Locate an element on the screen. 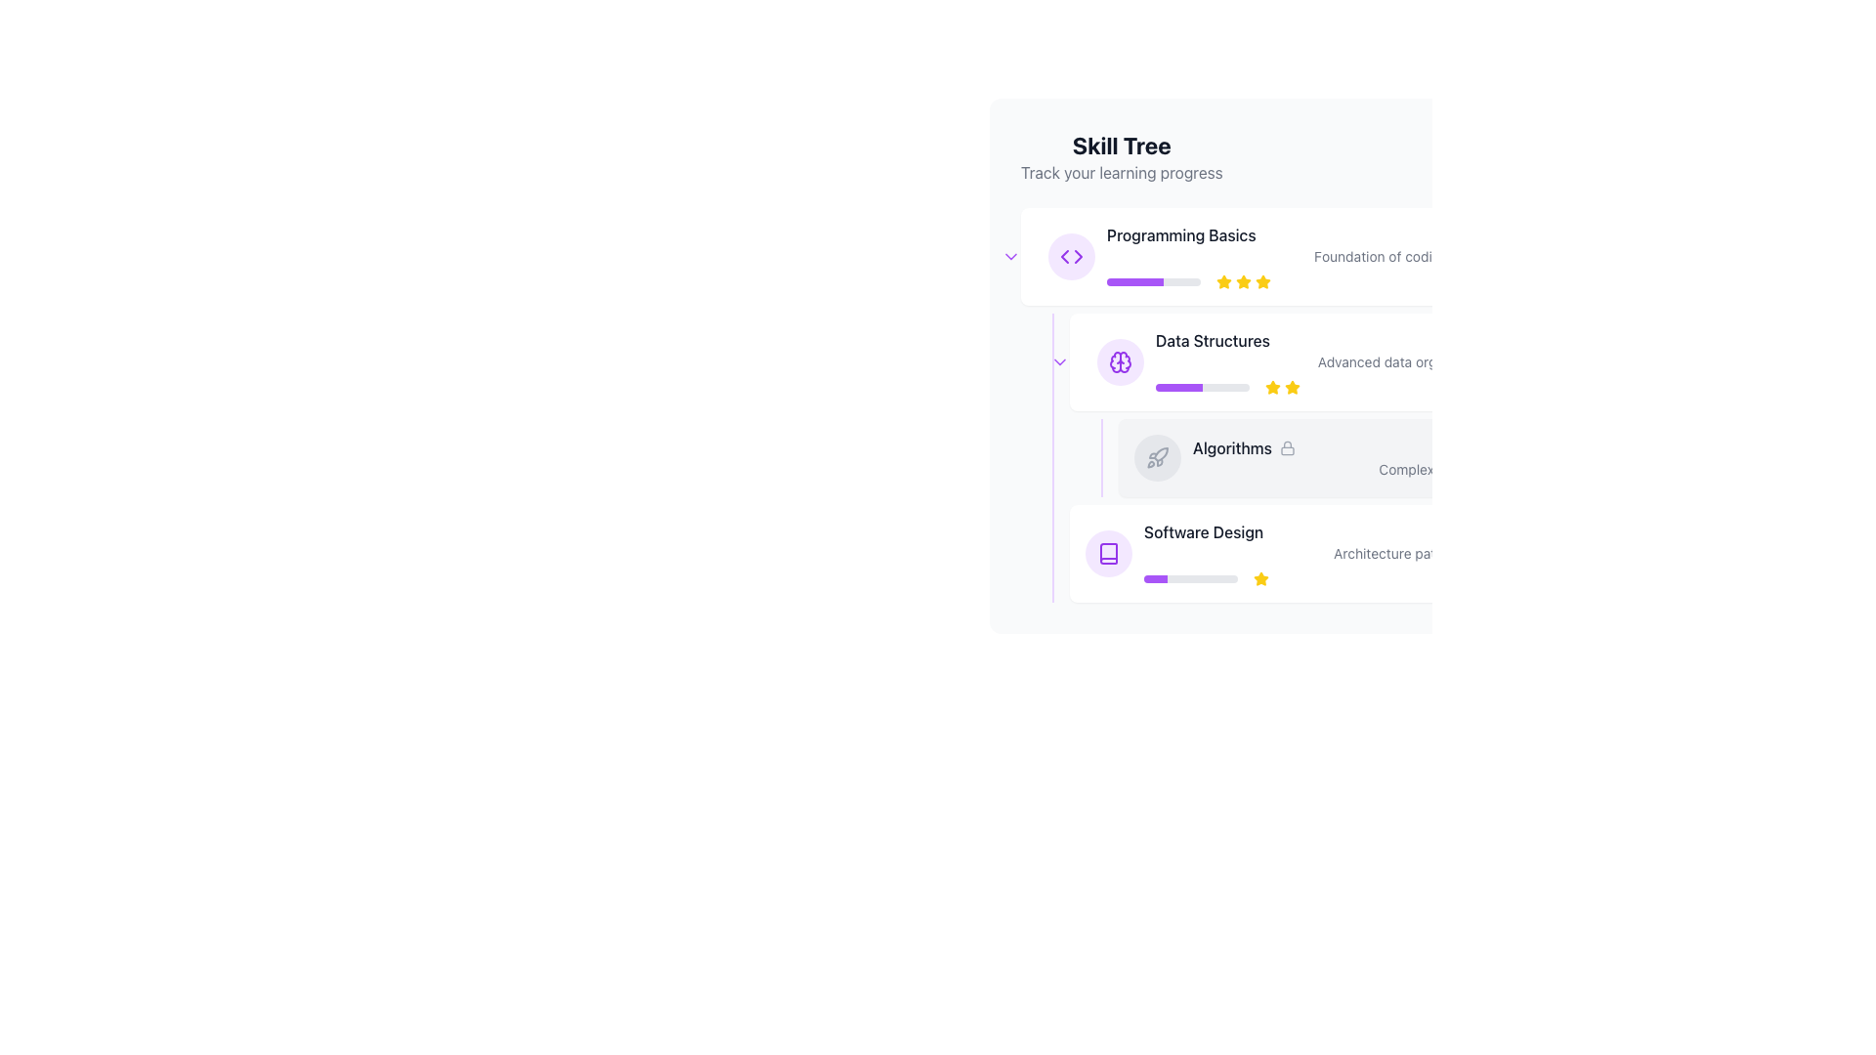  text label that indicates the topic or skill covered in the 'Software Design' section of the learning tracker interface, located under the 'Algorithms' section near the purple progress bar and star rating indicator is located at coordinates (1203, 531).